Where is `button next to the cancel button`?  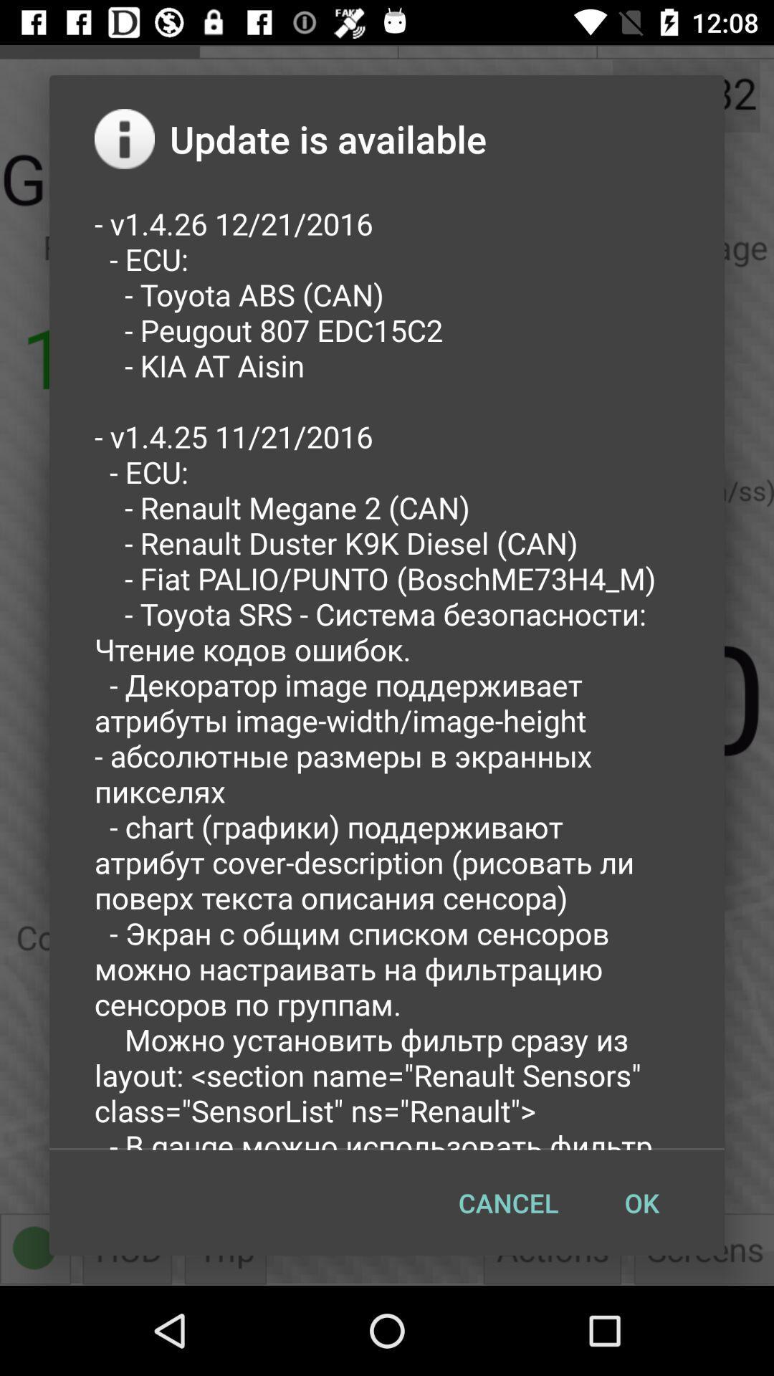
button next to the cancel button is located at coordinates (641, 1203).